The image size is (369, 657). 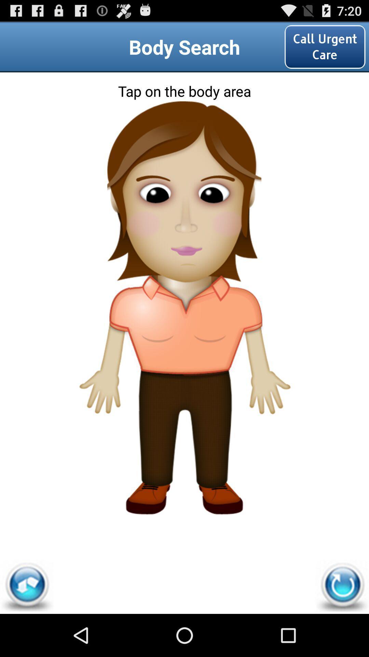 What do you see at coordinates (184, 463) in the screenshot?
I see `human legs` at bounding box center [184, 463].